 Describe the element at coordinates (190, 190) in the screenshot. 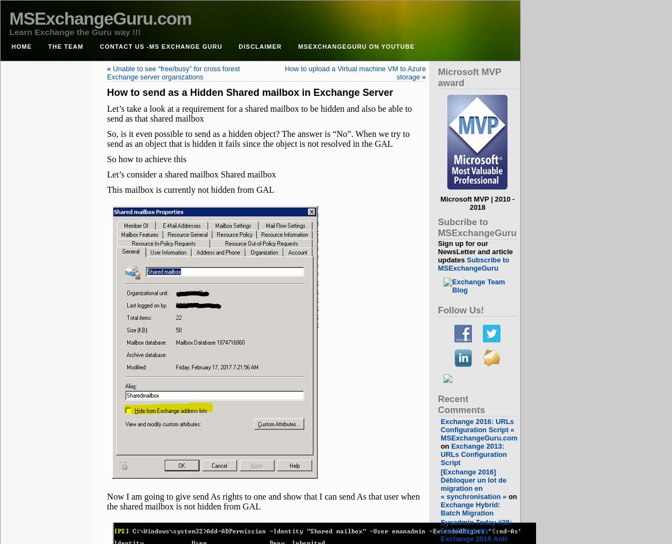

I see `'This mailbox is currently not hidden from GAL'` at that location.